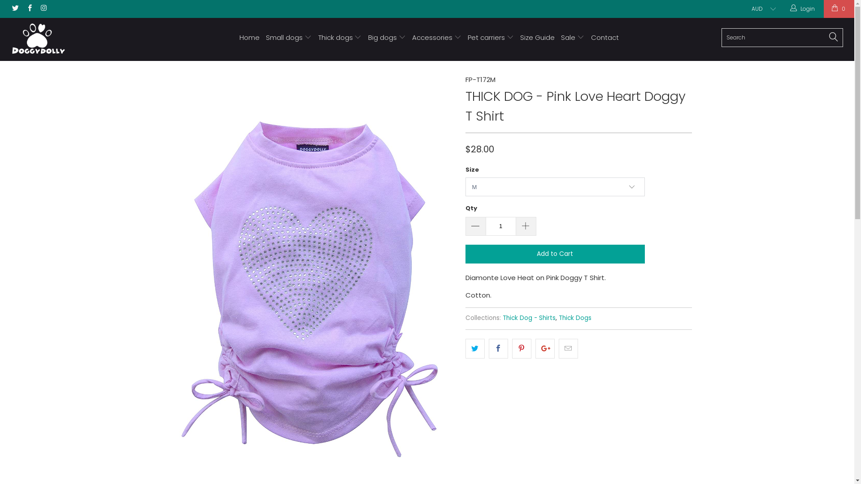 The image size is (861, 484). What do you see at coordinates (339, 37) in the screenshot?
I see `'Thick dogs'` at bounding box center [339, 37].